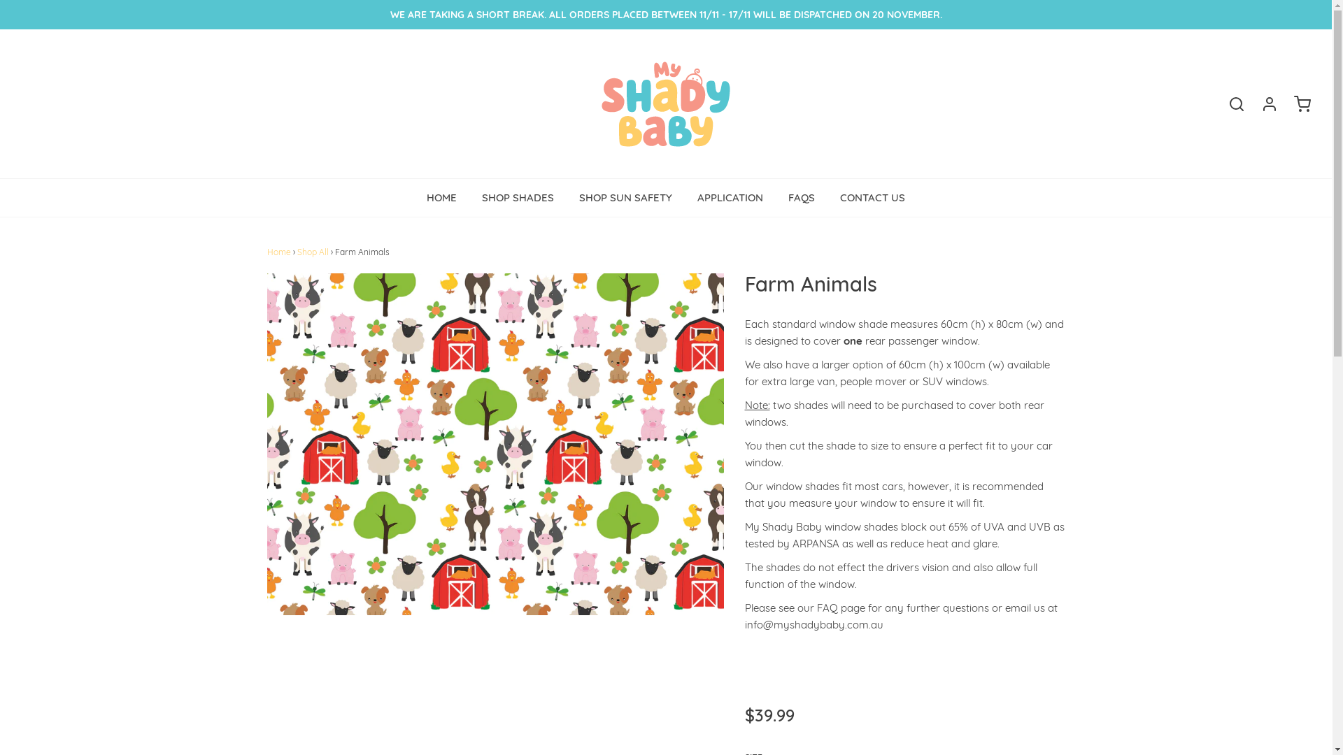 The width and height of the screenshot is (1343, 755). What do you see at coordinates (312, 252) in the screenshot?
I see `'Shop All'` at bounding box center [312, 252].